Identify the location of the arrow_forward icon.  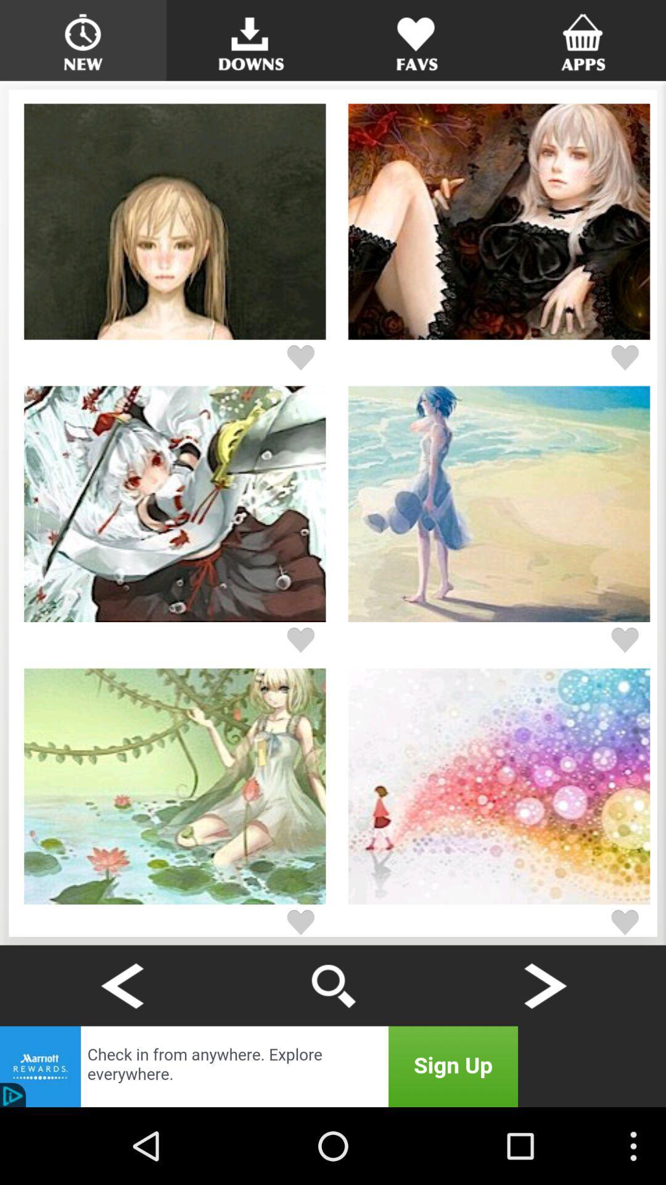
(544, 1054).